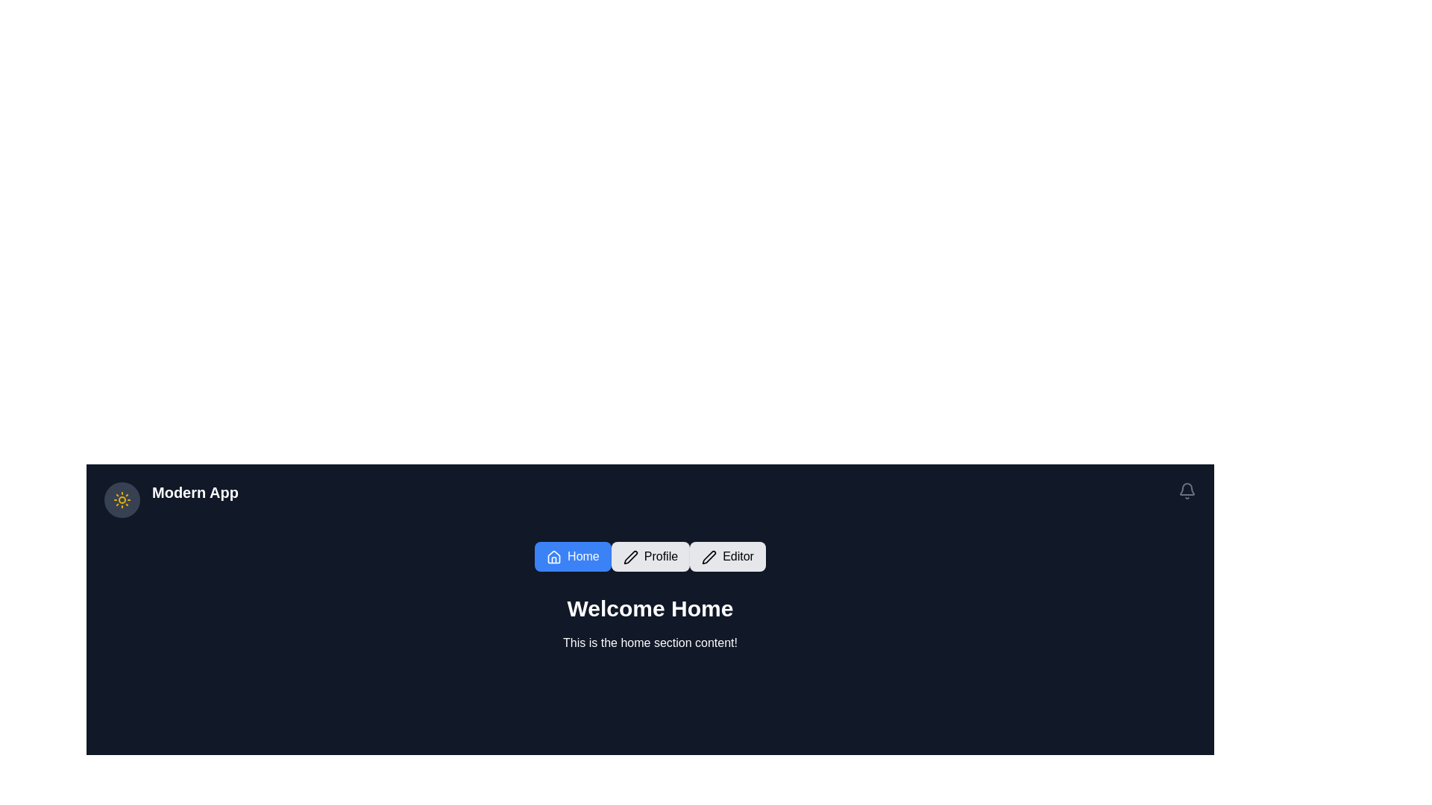  What do you see at coordinates (650, 557) in the screenshot?
I see `the 'Profile' button, which is a text button with a gray background and black text, located as the second item in the horizontal navigation bar` at bounding box center [650, 557].